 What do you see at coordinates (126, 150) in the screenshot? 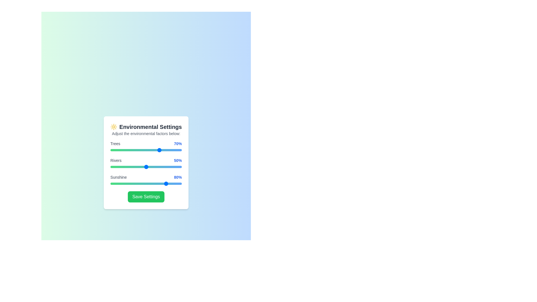
I see `the 0 slider to 23%` at bounding box center [126, 150].